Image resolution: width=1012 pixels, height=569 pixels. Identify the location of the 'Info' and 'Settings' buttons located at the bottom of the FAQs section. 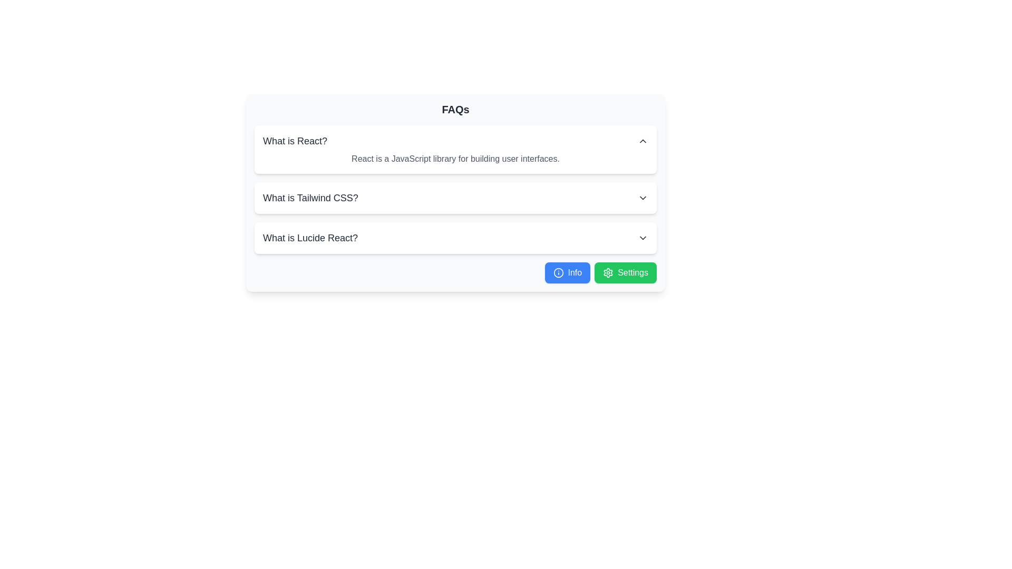
(455, 193).